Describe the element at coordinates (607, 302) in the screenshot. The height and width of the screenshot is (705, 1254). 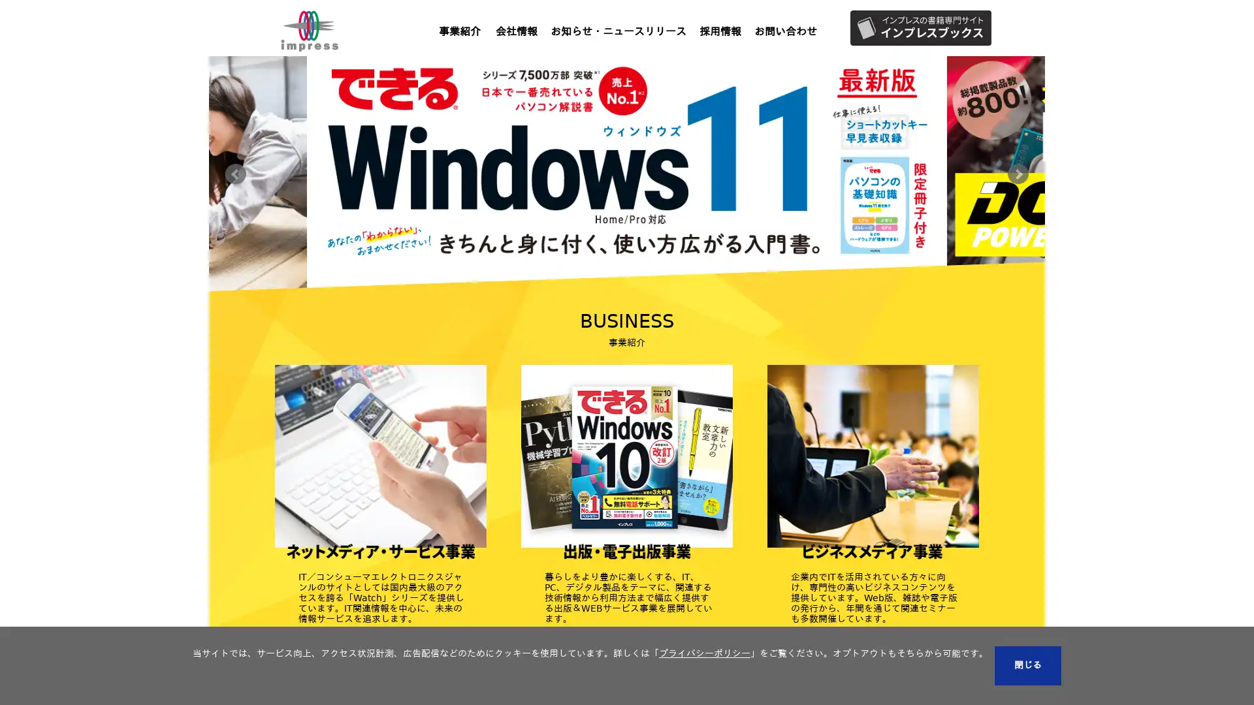
I see `a 2` at that location.